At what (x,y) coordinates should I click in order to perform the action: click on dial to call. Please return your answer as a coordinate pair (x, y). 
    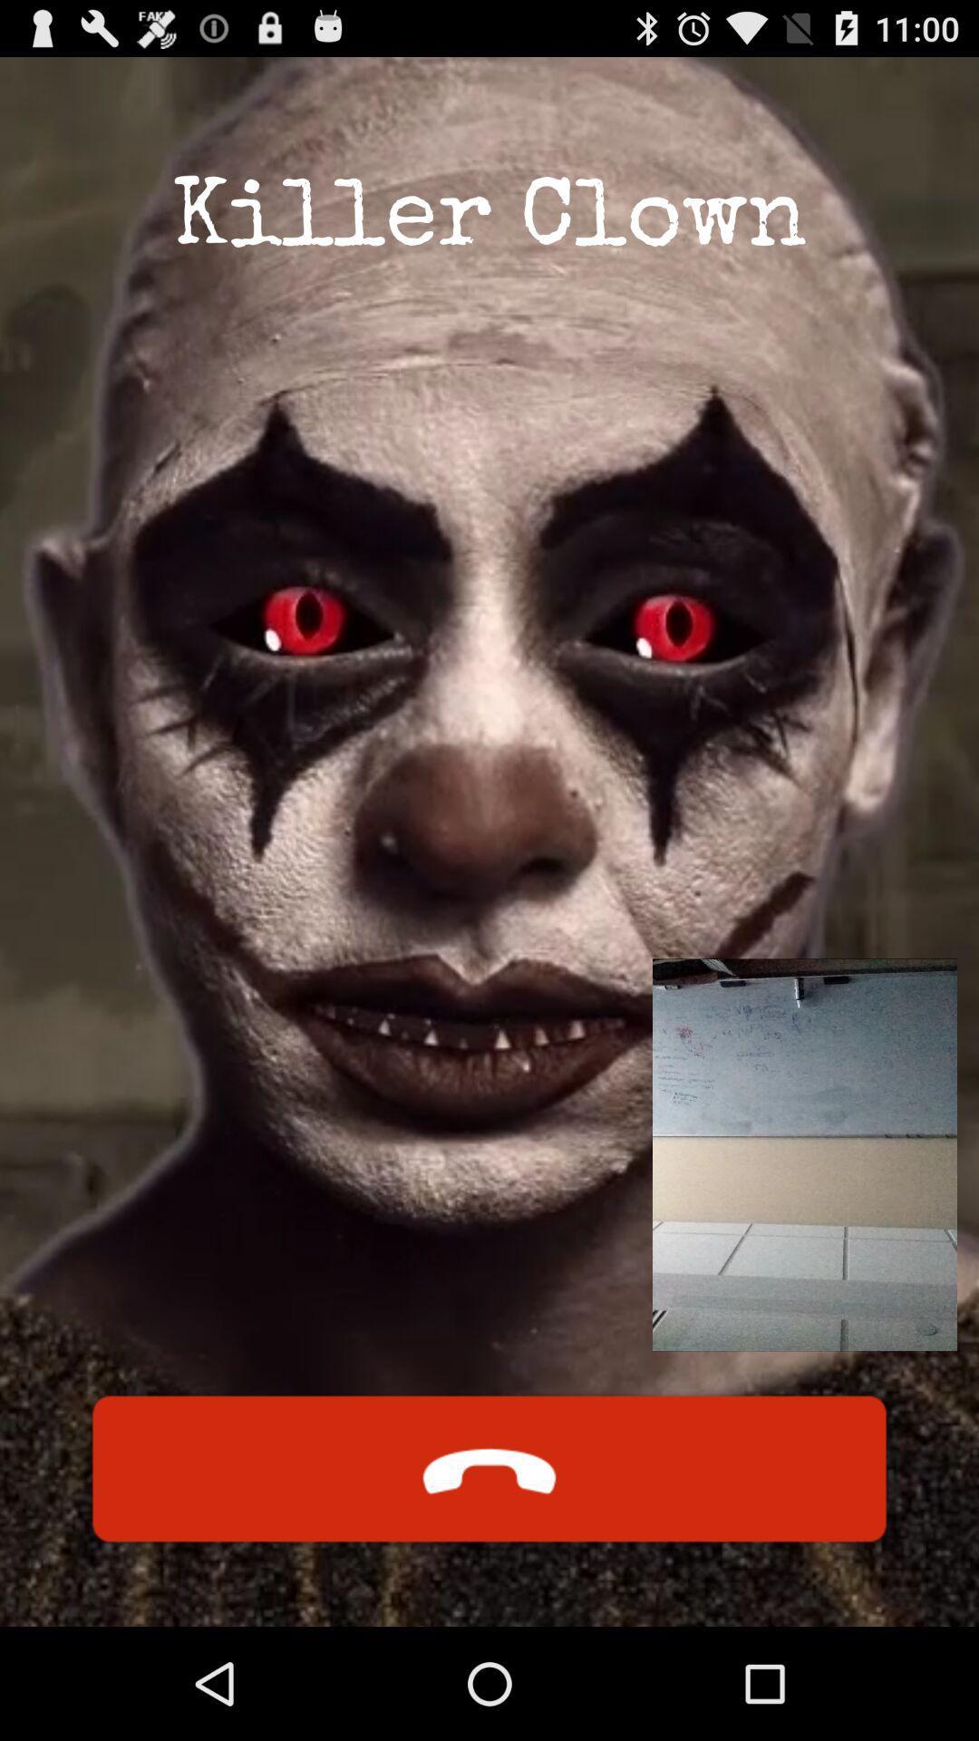
    Looking at the image, I should click on (489, 1469).